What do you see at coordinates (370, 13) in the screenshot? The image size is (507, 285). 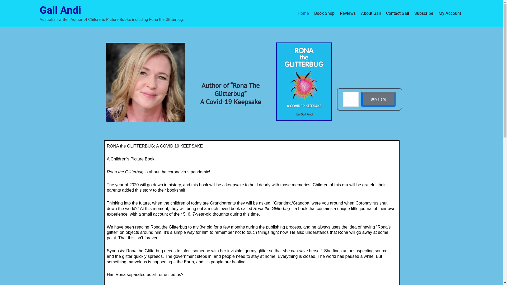 I see `'About Gail'` at bounding box center [370, 13].